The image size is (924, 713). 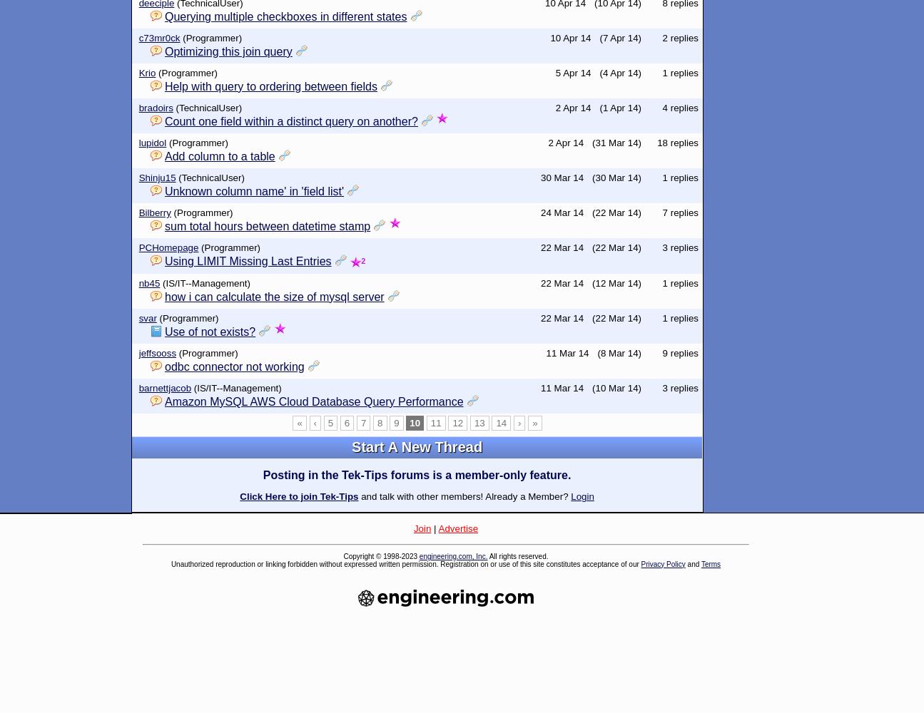 I want to click on 'Join', so click(x=421, y=528).